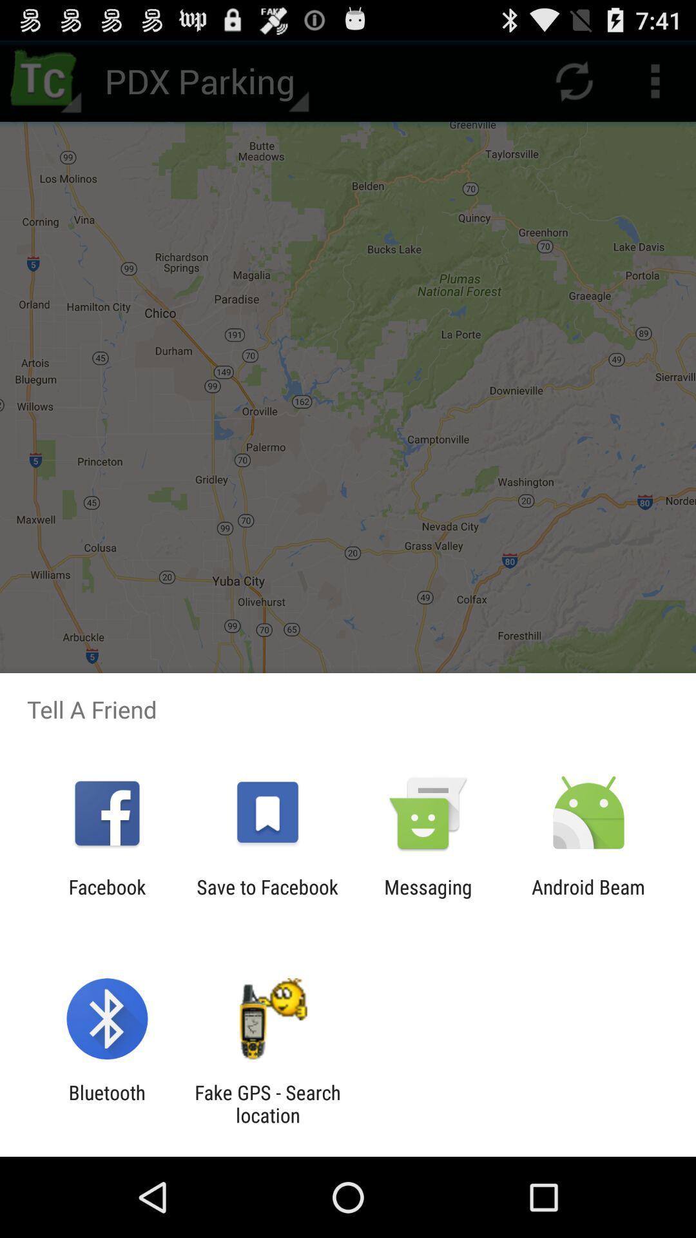 The height and width of the screenshot is (1238, 696). Describe the element at coordinates (428, 898) in the screenshot. I see `the app to the right of the save to facebook app` at that location.